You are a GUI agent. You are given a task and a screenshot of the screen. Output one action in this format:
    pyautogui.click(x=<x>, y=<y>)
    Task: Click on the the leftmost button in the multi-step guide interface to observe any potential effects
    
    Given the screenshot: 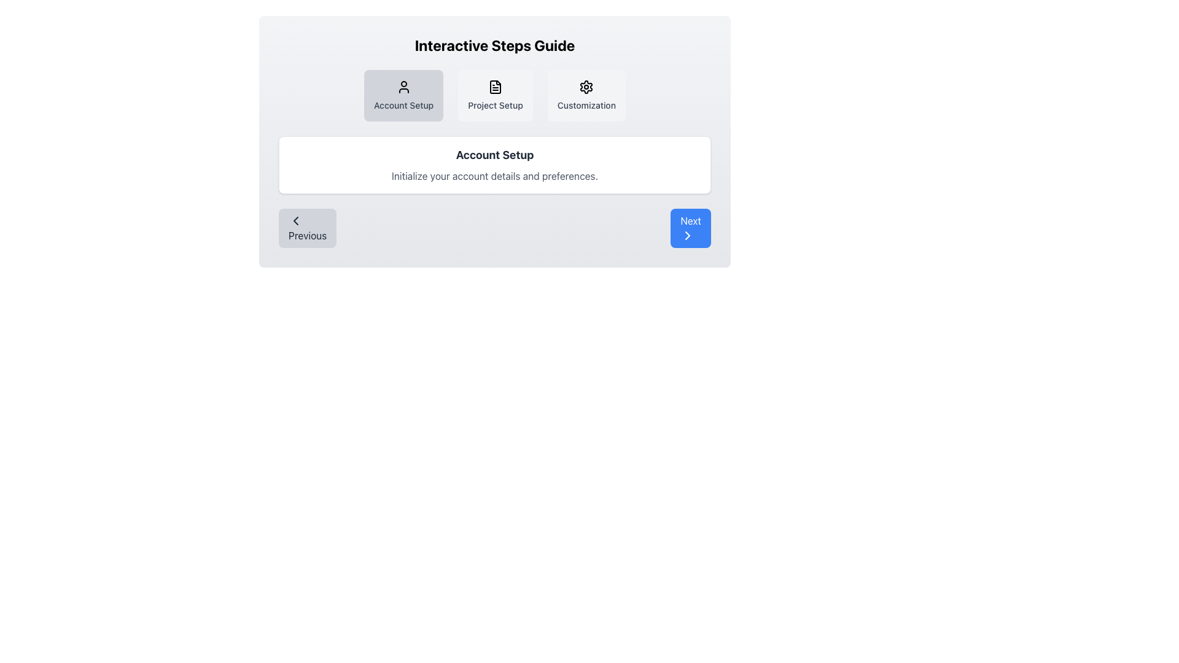 What is the action you would take?
    pyautogui.click(x=308, y=228)
    